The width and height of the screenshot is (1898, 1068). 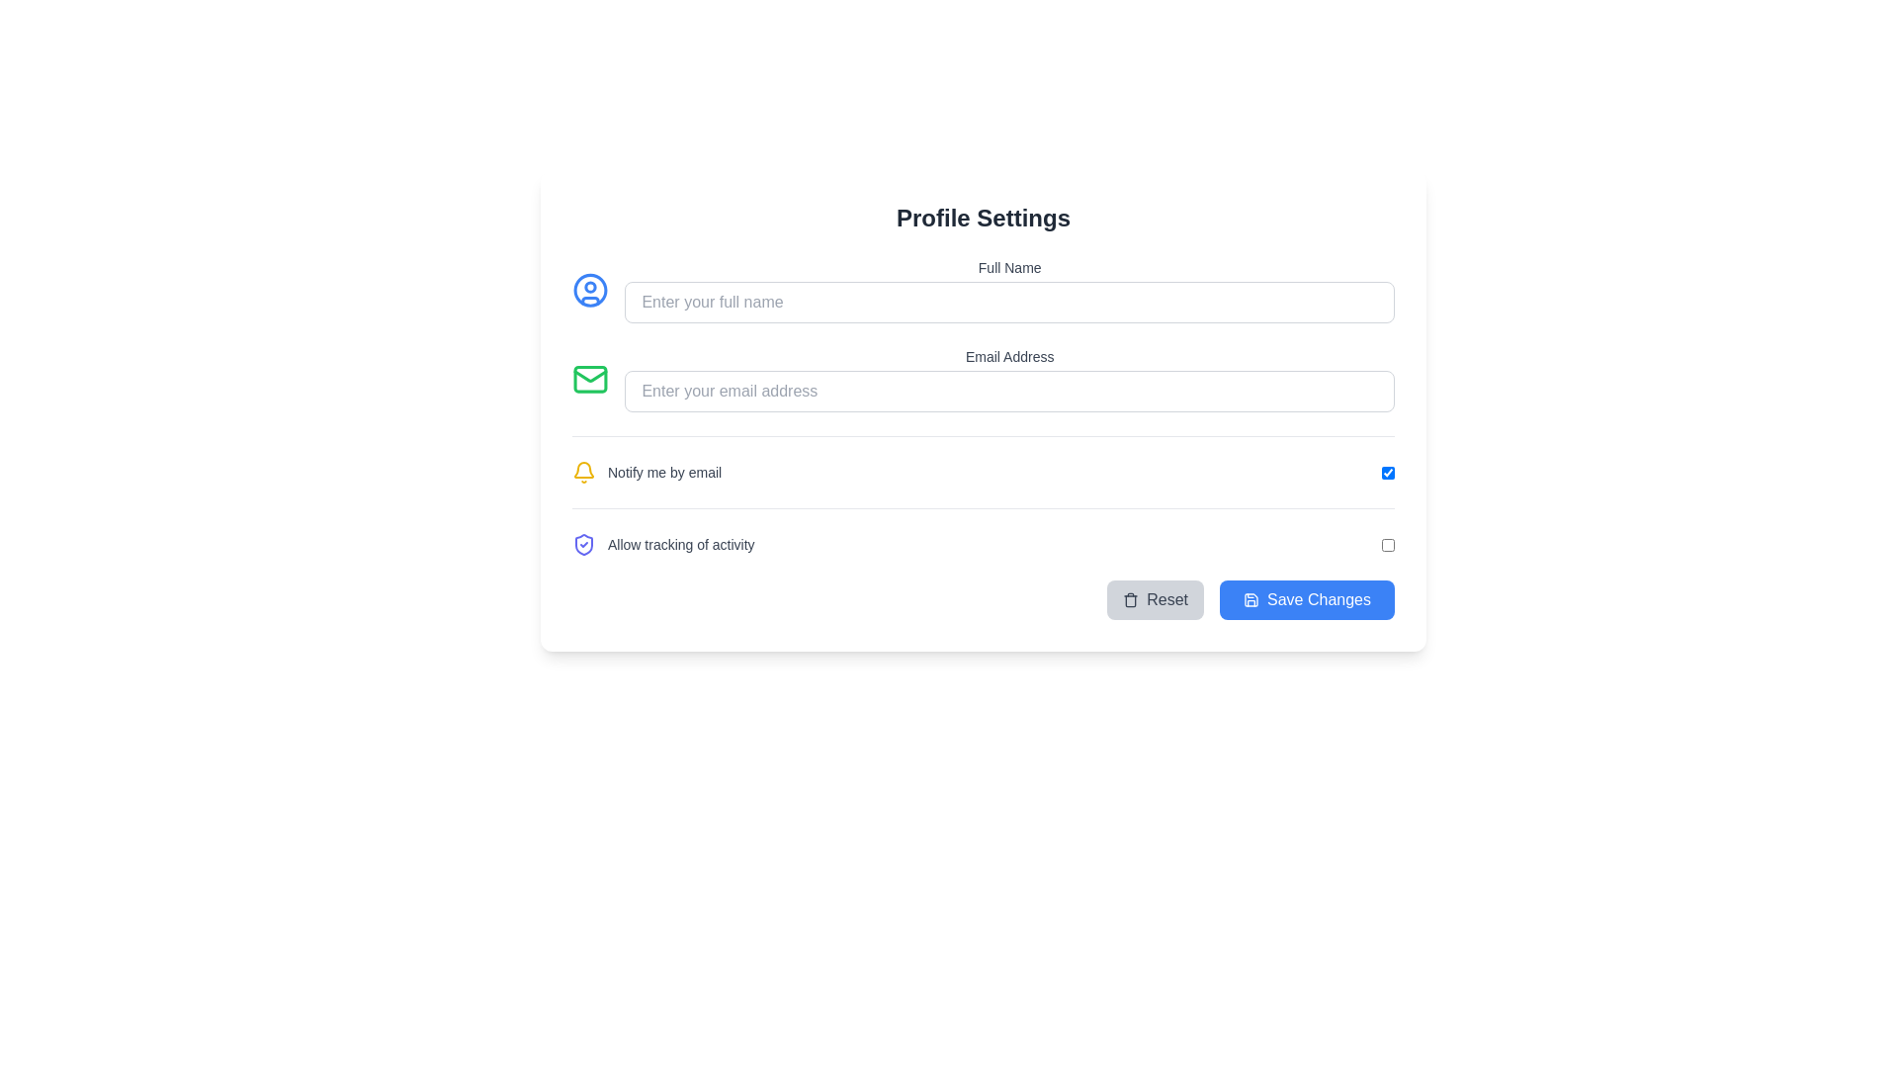 What do you see at coordinates (582, 473) in the screenshot?
I see `the notification setting icon` at bounding box center [582, 473].